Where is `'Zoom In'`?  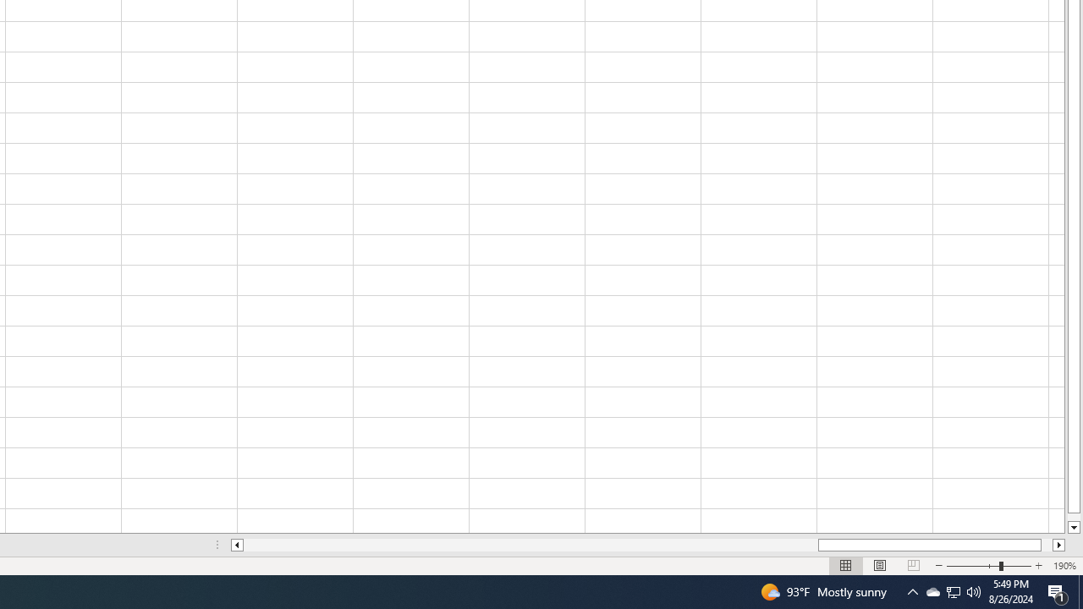 'Zoom In' is located at coordinates (1037, 566).